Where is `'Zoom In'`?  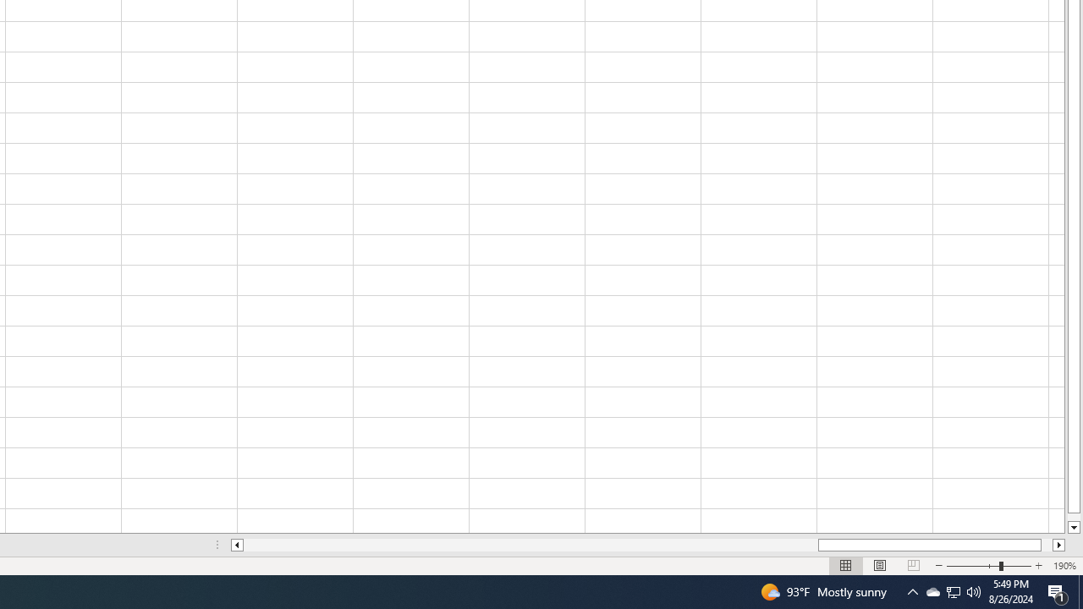 'Zoom In' is located at coordinates (1037, 566).